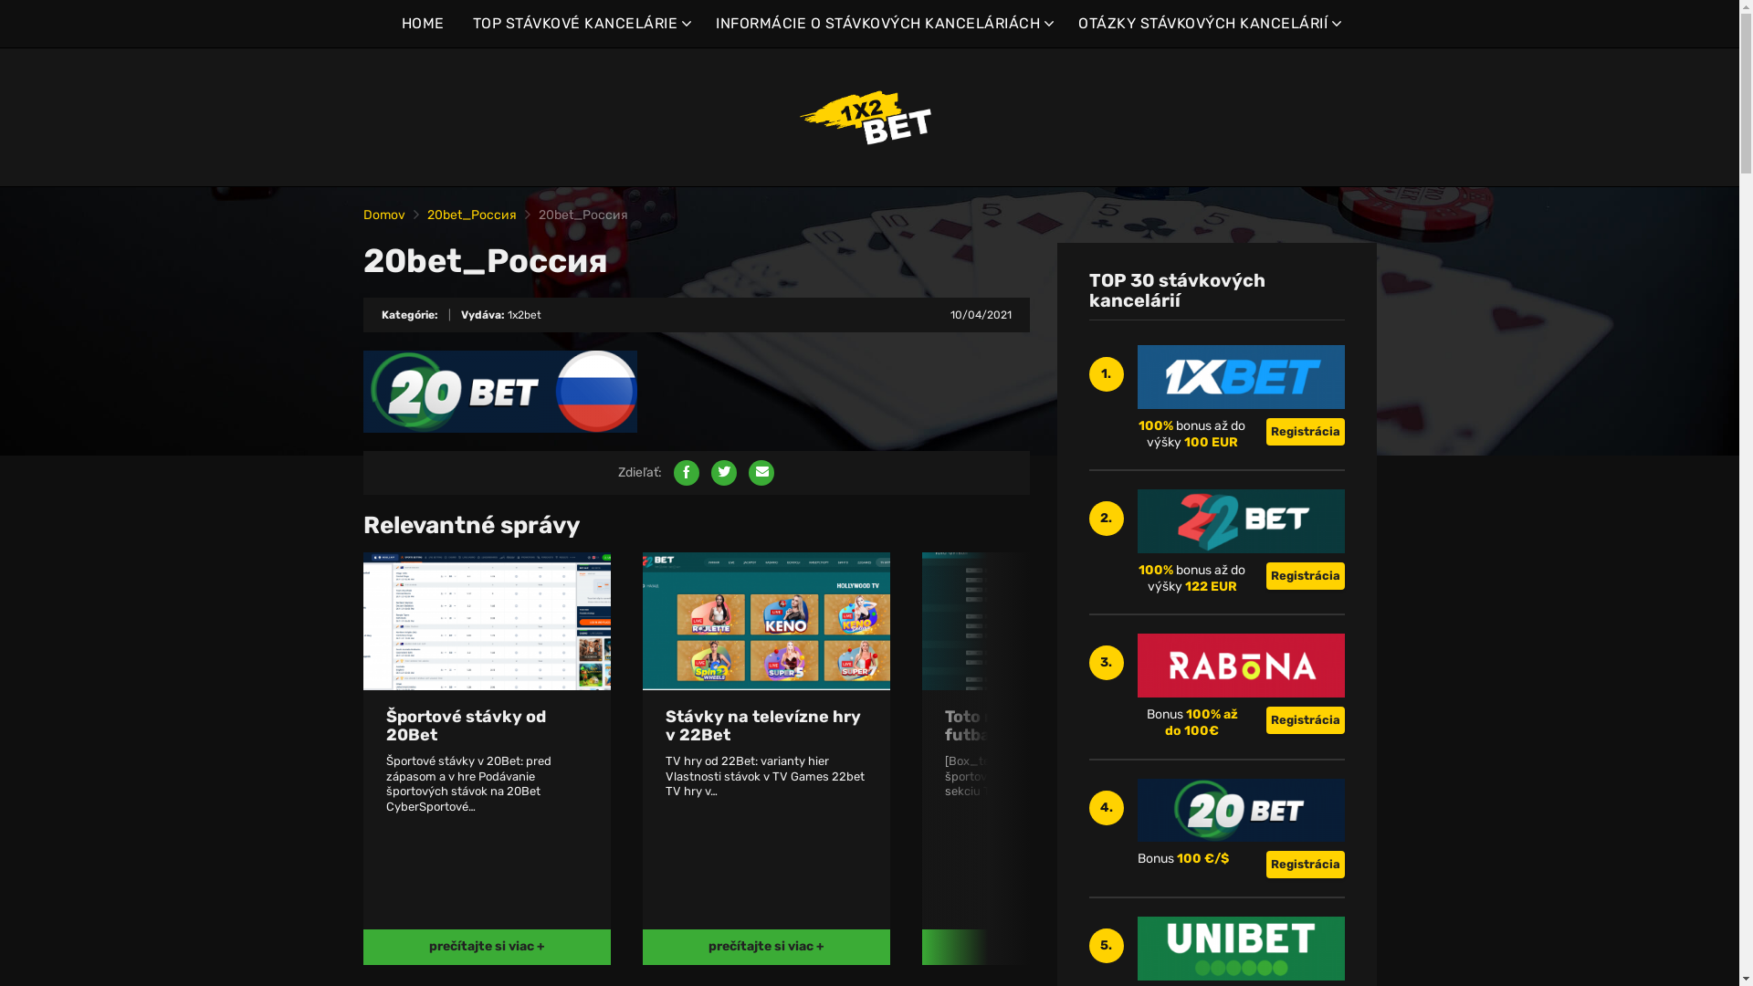  What do you see at coordinates (422, 24) in the screenshot?
I see `'HOME'` at bounding box center [422, 24].